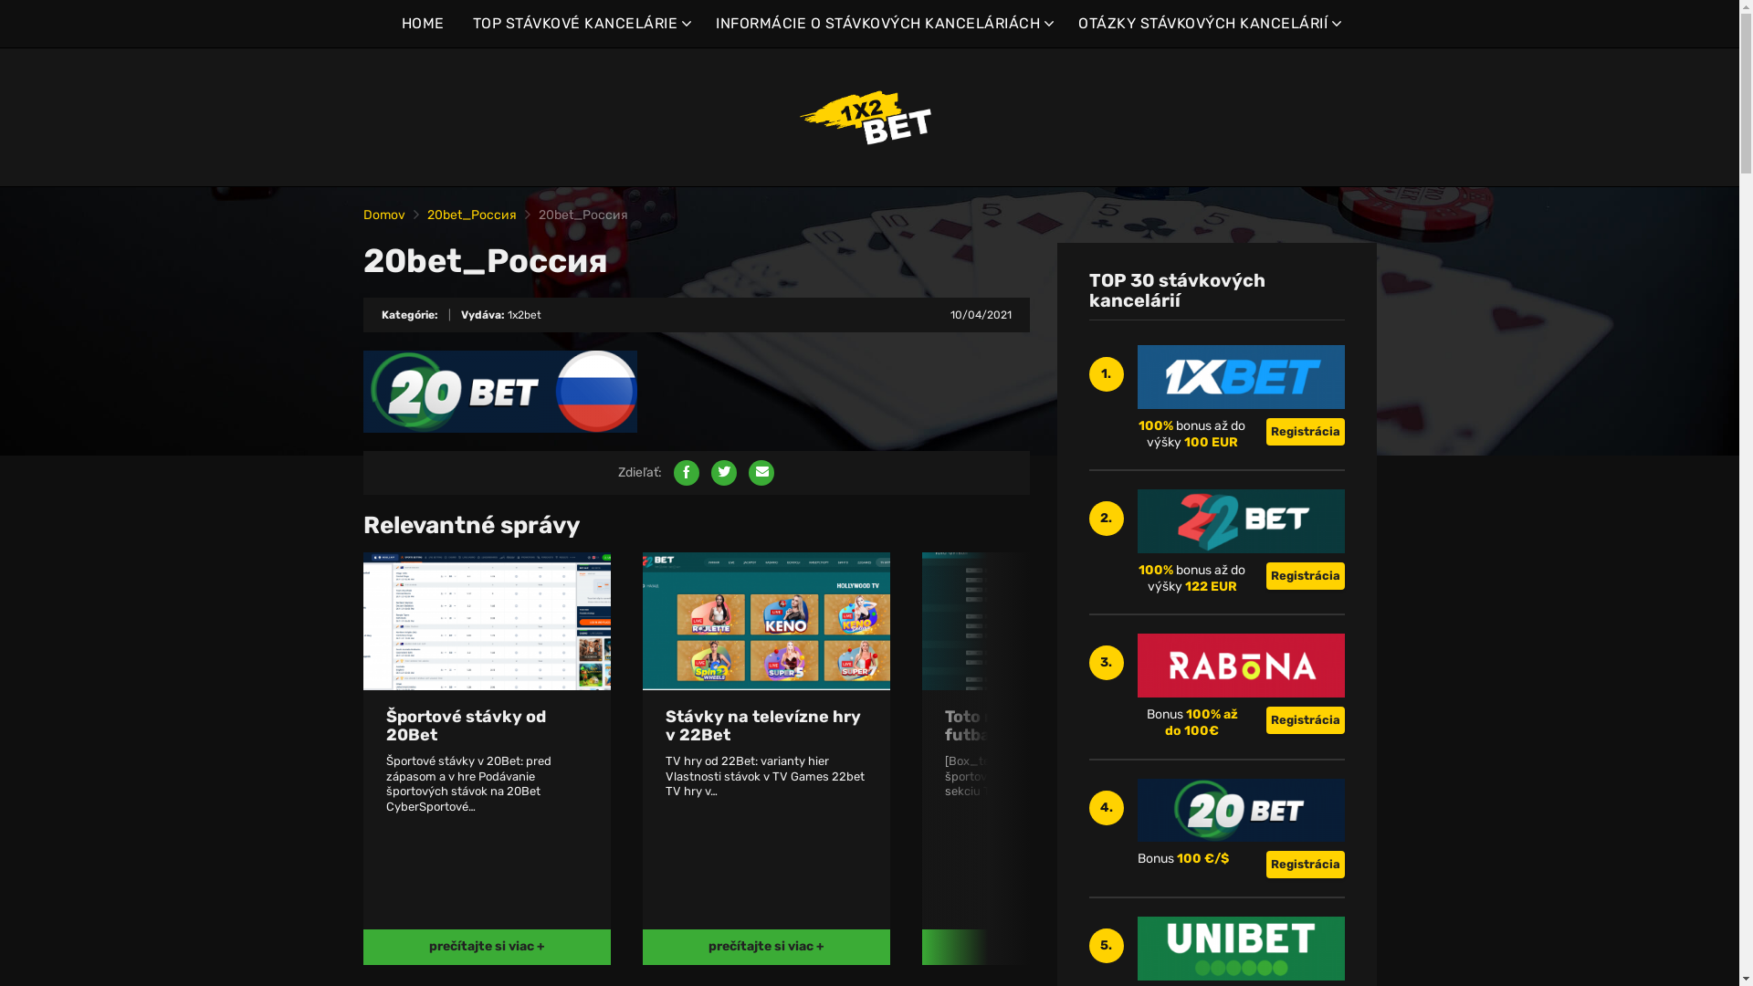  What do you see at coordinates (422, 24) in the screenshot?
I see `'HOME'` at bounding box center [422, 24].